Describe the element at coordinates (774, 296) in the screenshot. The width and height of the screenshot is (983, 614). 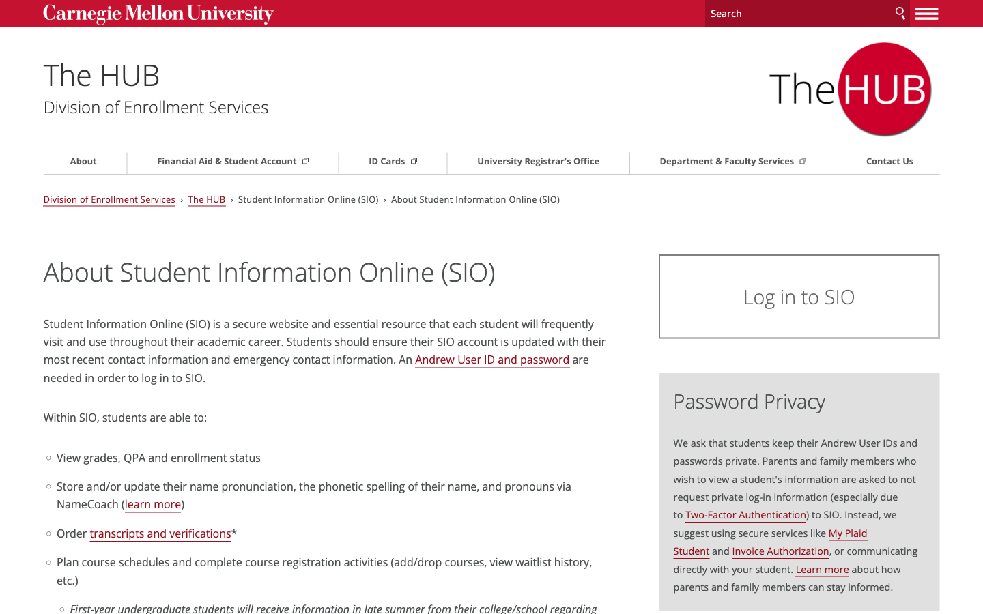
I see `Move to Account Login Page` at that location.